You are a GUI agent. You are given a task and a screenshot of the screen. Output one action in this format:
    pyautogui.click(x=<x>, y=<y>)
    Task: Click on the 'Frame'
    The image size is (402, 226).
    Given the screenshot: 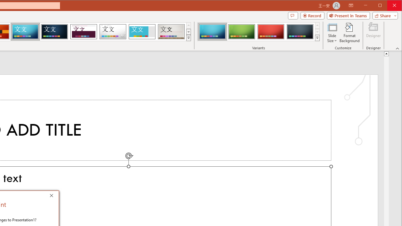 What is the action you would take?
    pyautogui.click(x=142, y=31)
    